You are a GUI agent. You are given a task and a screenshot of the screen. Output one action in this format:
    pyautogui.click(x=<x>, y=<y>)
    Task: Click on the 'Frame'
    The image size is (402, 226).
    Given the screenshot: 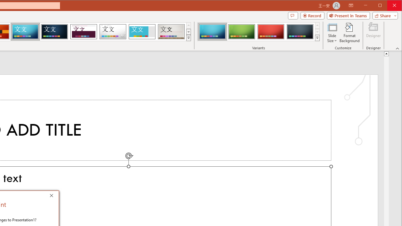 What is the action you would take?
    pyautogui.click(x=142, y=31)
    